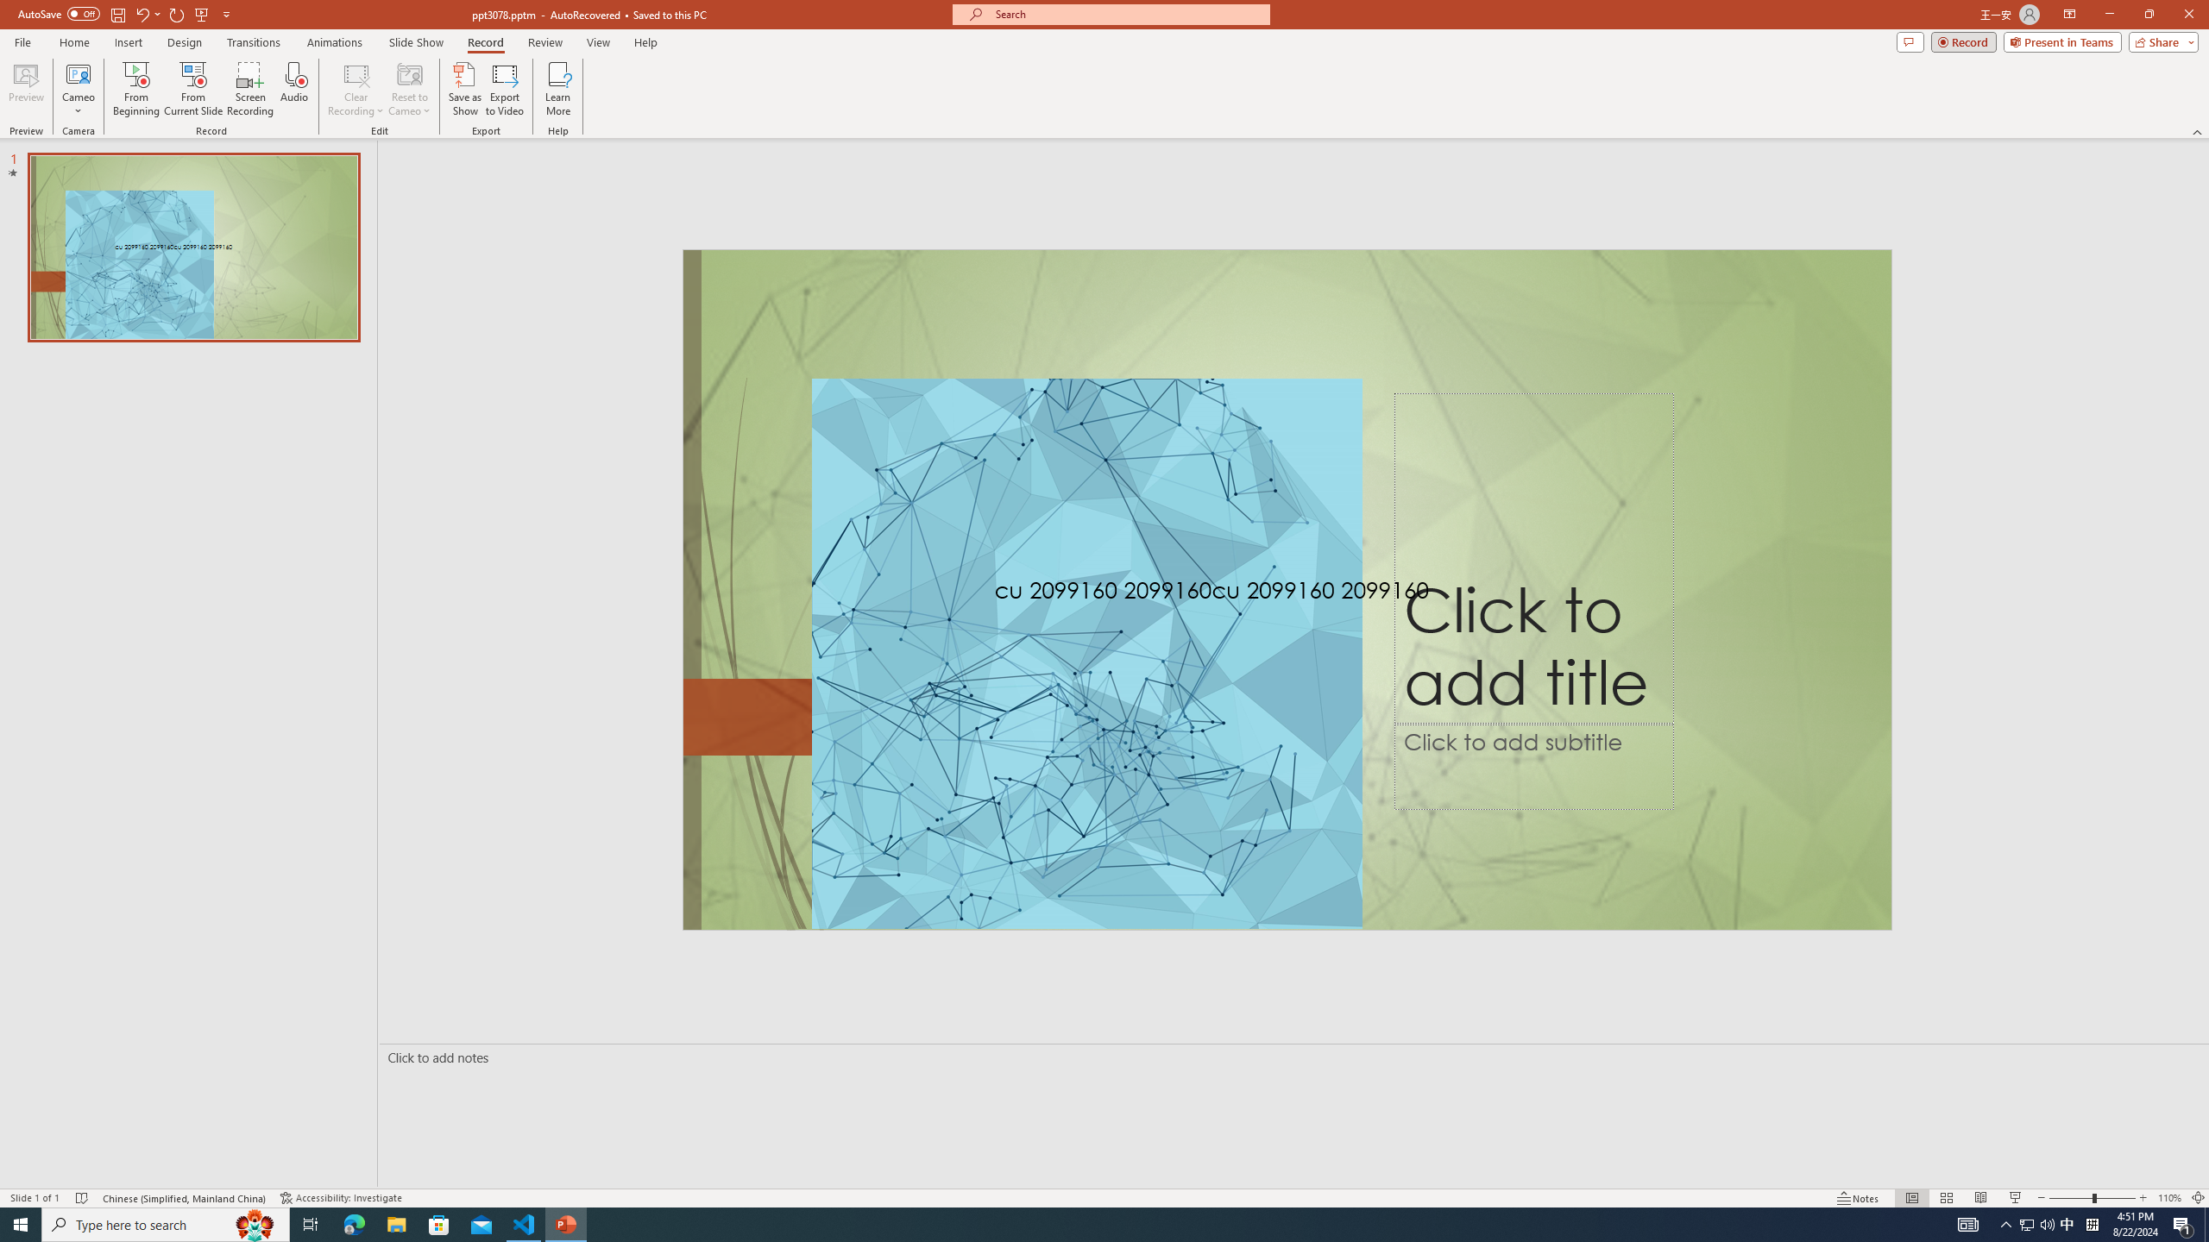  Describe the element at coordinates (341, 1198) in the screenshot. I see `'Accessibility Checker Accessibility: Investigate'` at that location.